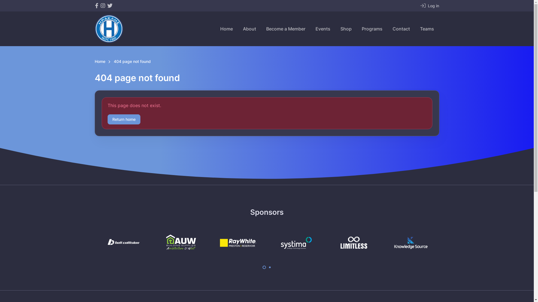  What do you see at coordinates (124, 119) in the screenshot?
I see `'Return home'` at bounding box center [124, 119].